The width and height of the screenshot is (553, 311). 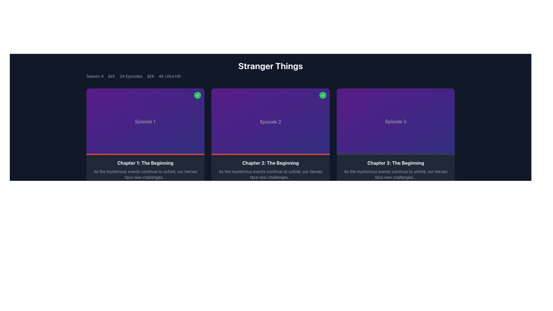 I want to click on the first card, so click(x=145, y=121).